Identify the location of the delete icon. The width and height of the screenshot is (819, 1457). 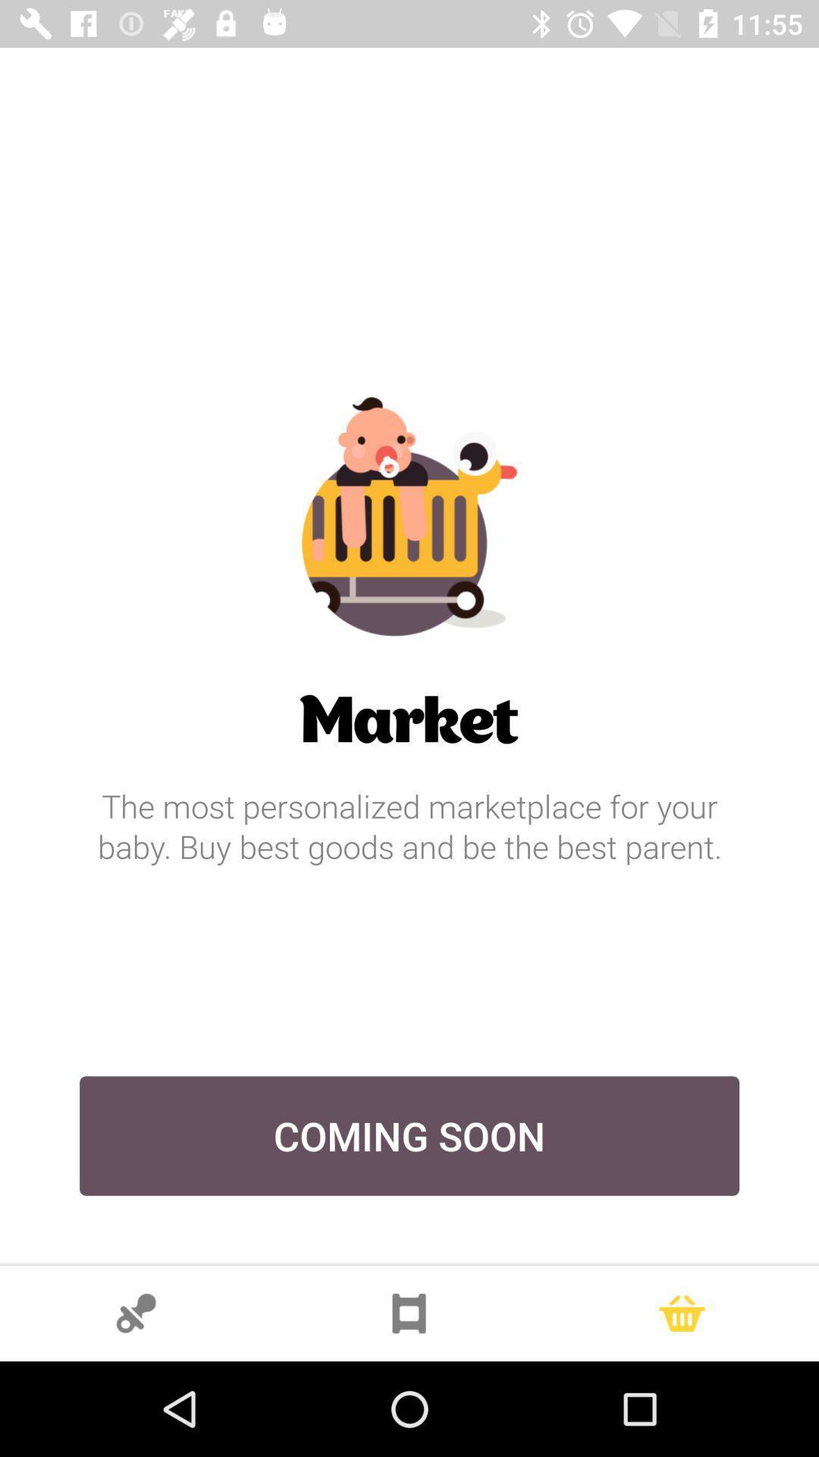
(681, 1313).